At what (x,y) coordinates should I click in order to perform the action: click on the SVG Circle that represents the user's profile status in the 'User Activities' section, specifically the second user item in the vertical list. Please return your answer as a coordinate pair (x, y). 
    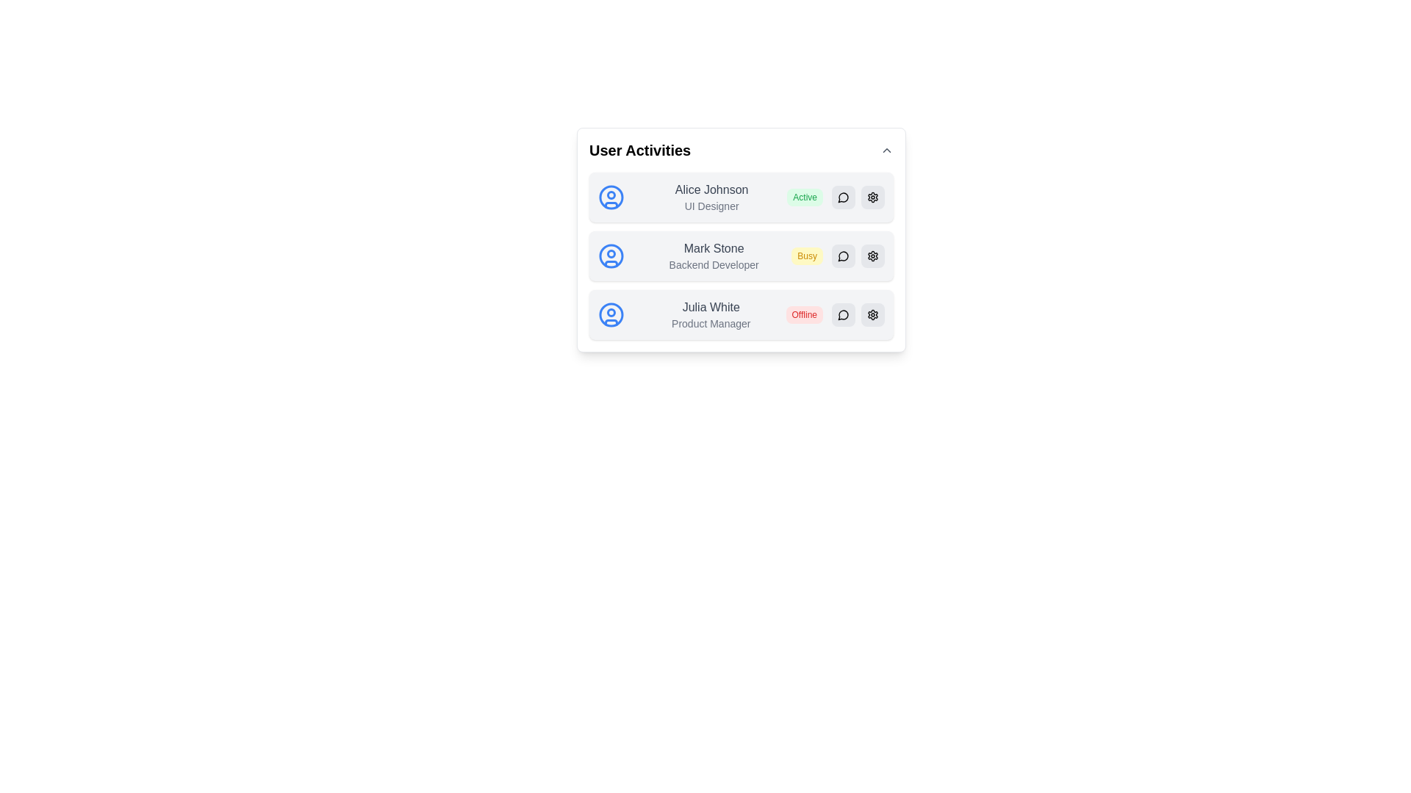
    Looking at the image, I should click on (611, 253).